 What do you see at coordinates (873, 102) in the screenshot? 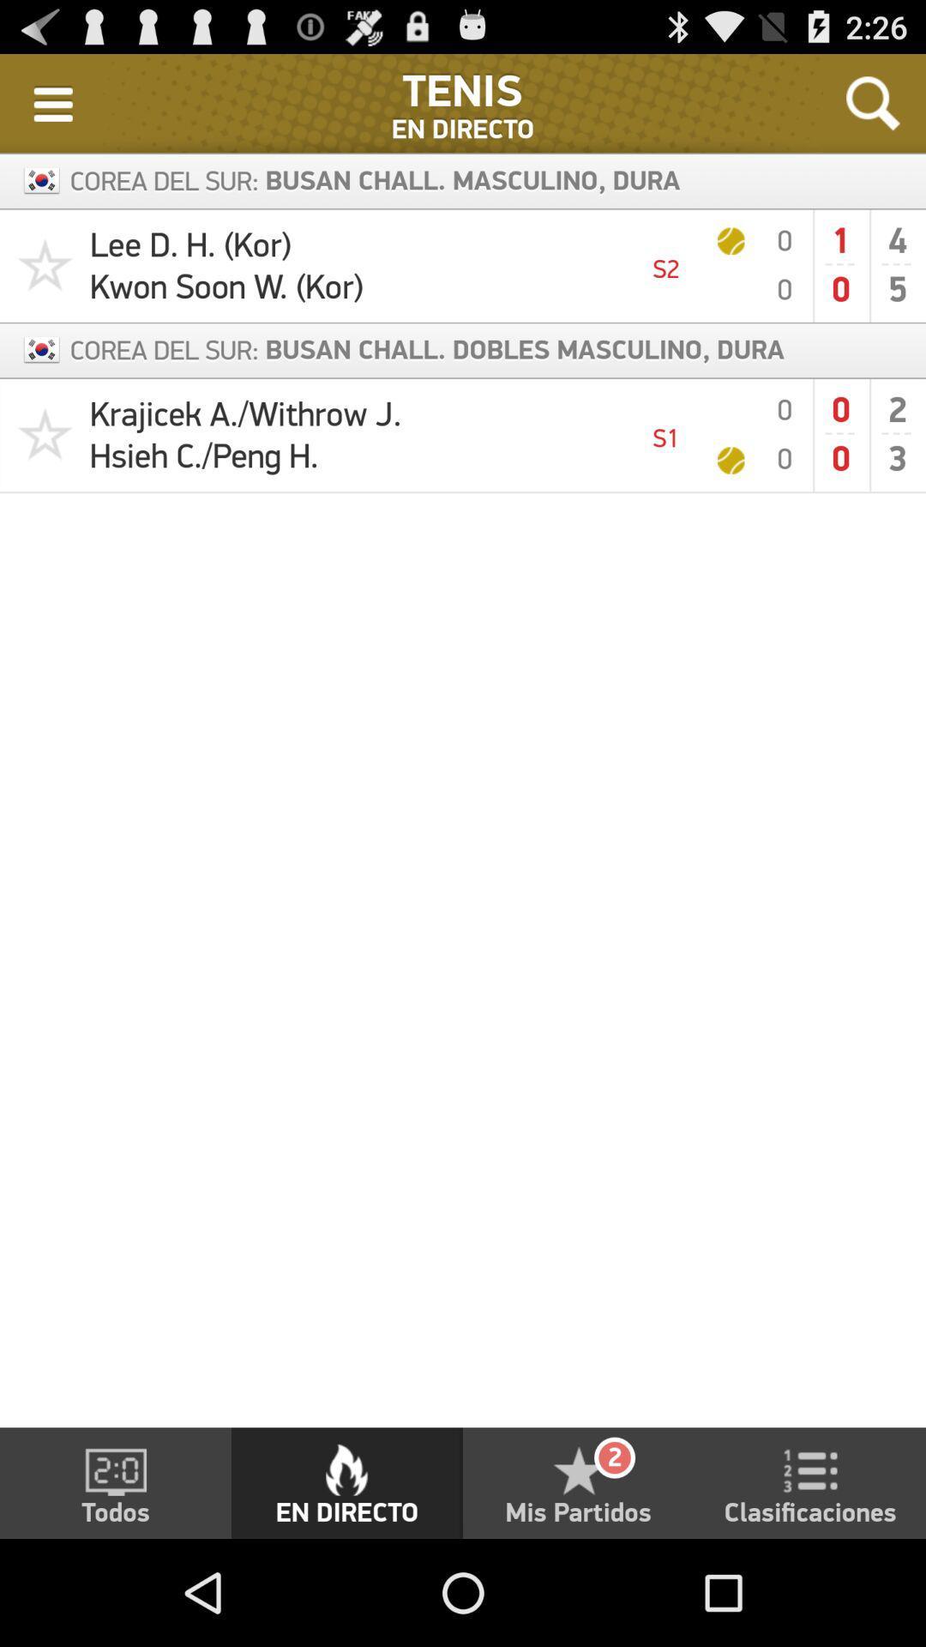
I see `the icon next to busan chall masculino item` at bounding box center [873, 102].